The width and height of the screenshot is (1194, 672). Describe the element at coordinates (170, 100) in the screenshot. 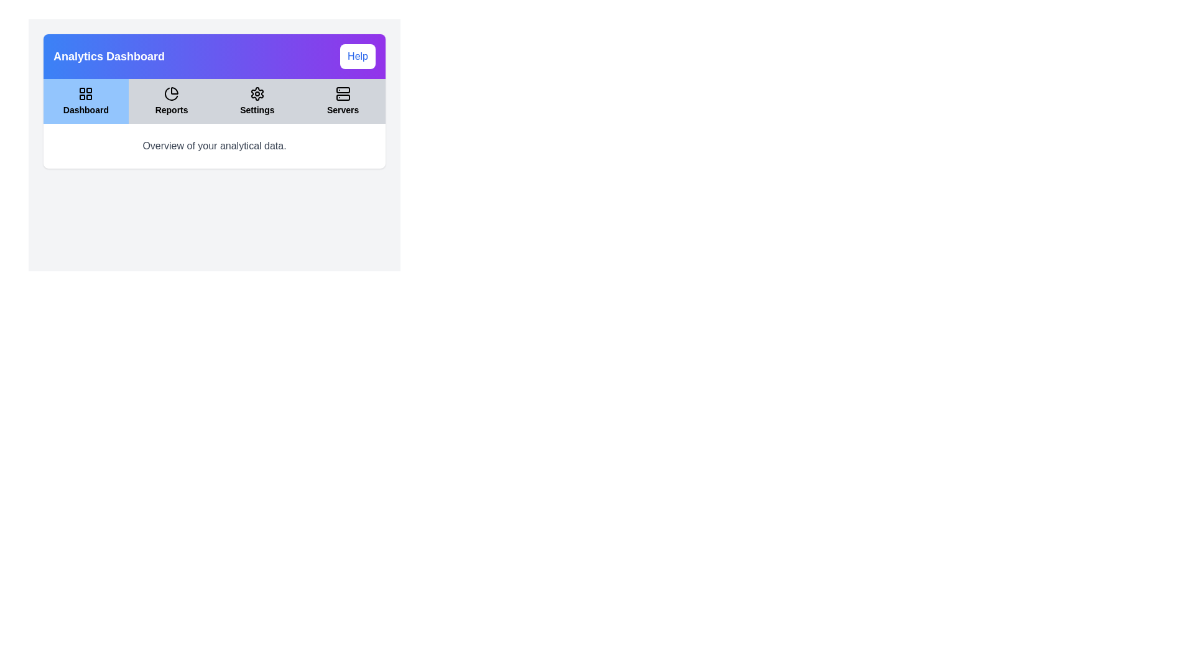

I see `the 'Reports' button, which is the second button in the navigation row located in the header section of the interface` at that location.